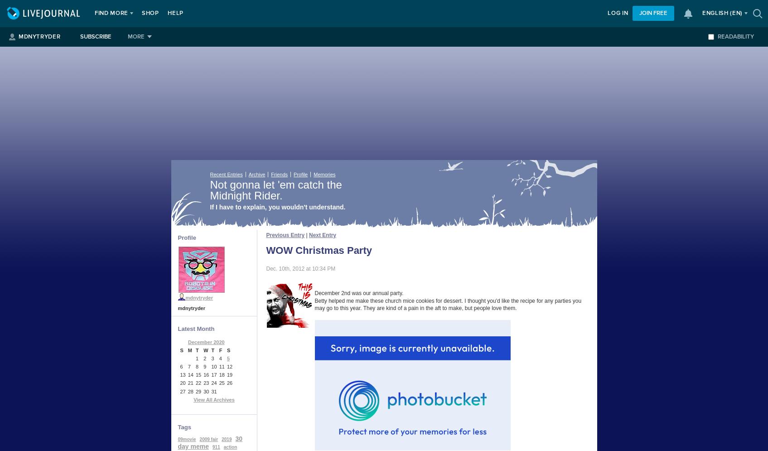  What do you see at coordinates (618, 13) in the screenshot?
I see `'Log in'` at bounding box center [618, 13].